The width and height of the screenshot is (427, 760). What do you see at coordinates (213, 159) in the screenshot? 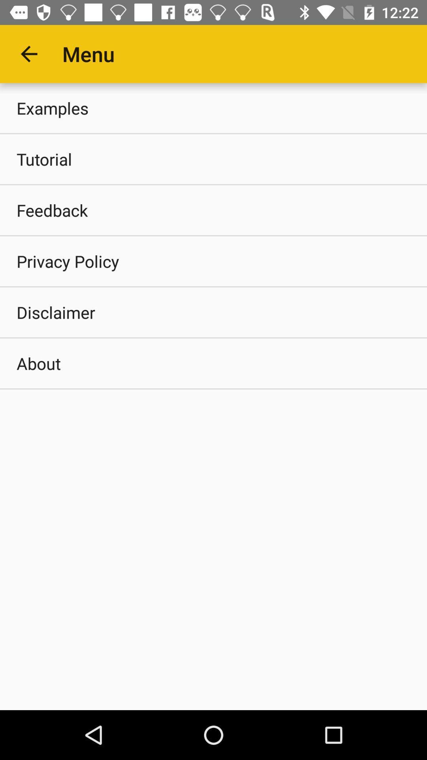
I see `item below the examples item` at bounding box center [213, 159].